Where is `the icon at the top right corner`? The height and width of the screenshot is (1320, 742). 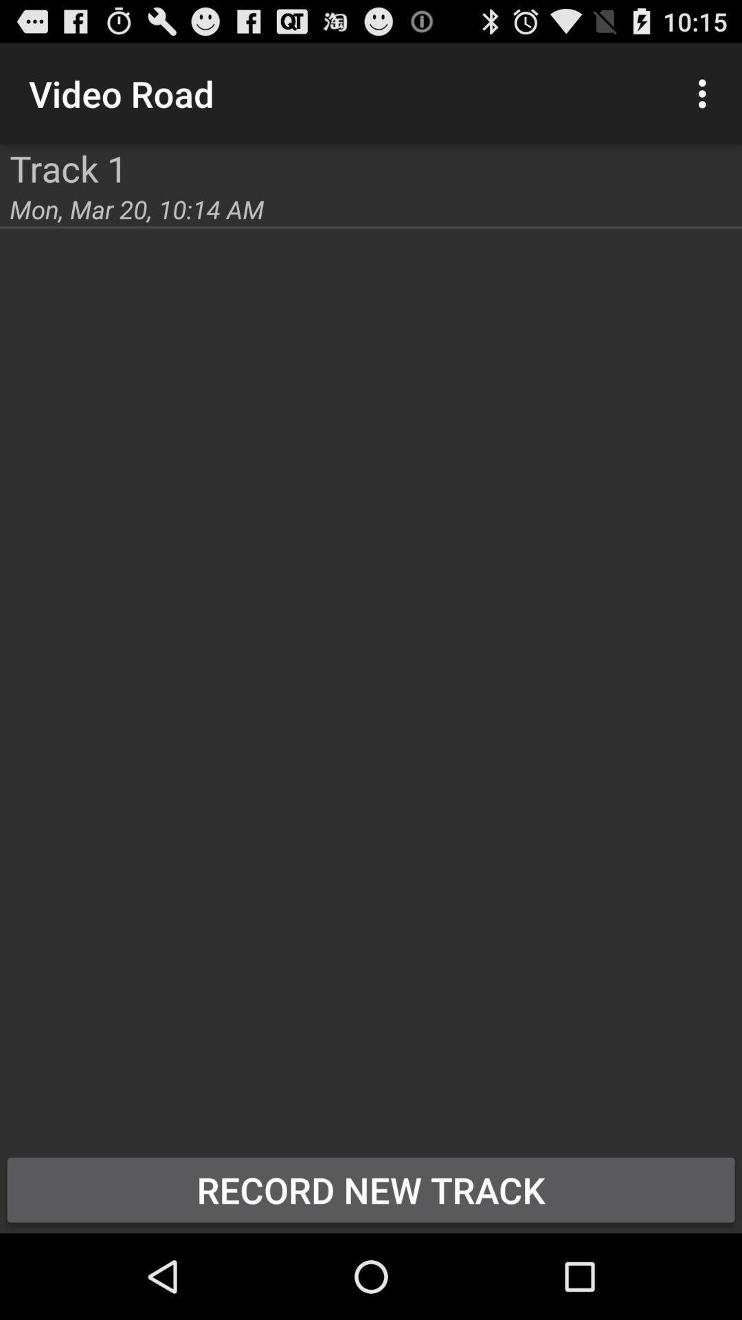
the icon at the top right corner is located at coordinates (706, 93).